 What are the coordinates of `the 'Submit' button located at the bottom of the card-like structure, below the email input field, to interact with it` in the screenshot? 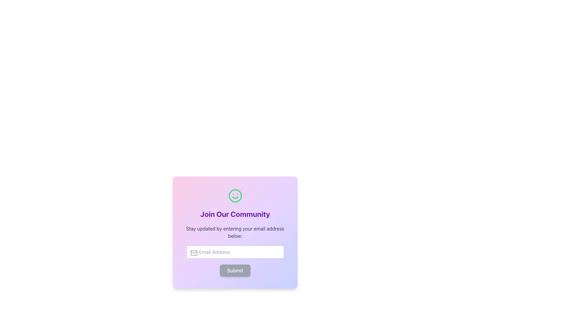 It's located at (235, 270).